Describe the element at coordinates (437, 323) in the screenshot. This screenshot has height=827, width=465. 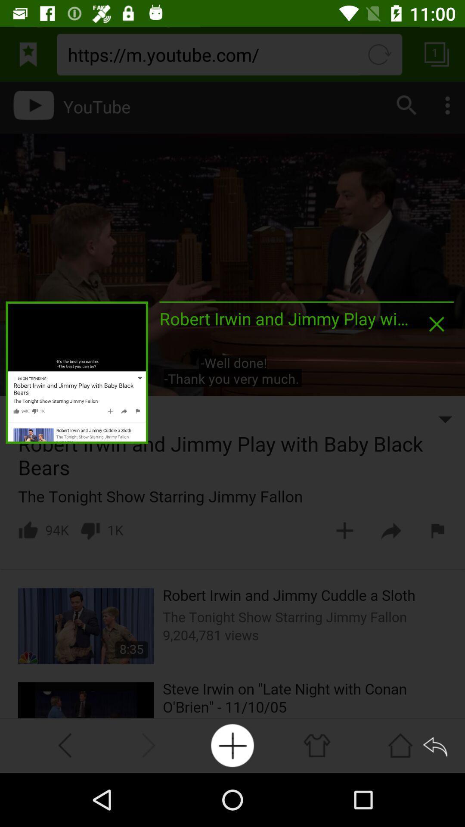
I see `to close the pop up` at that location.